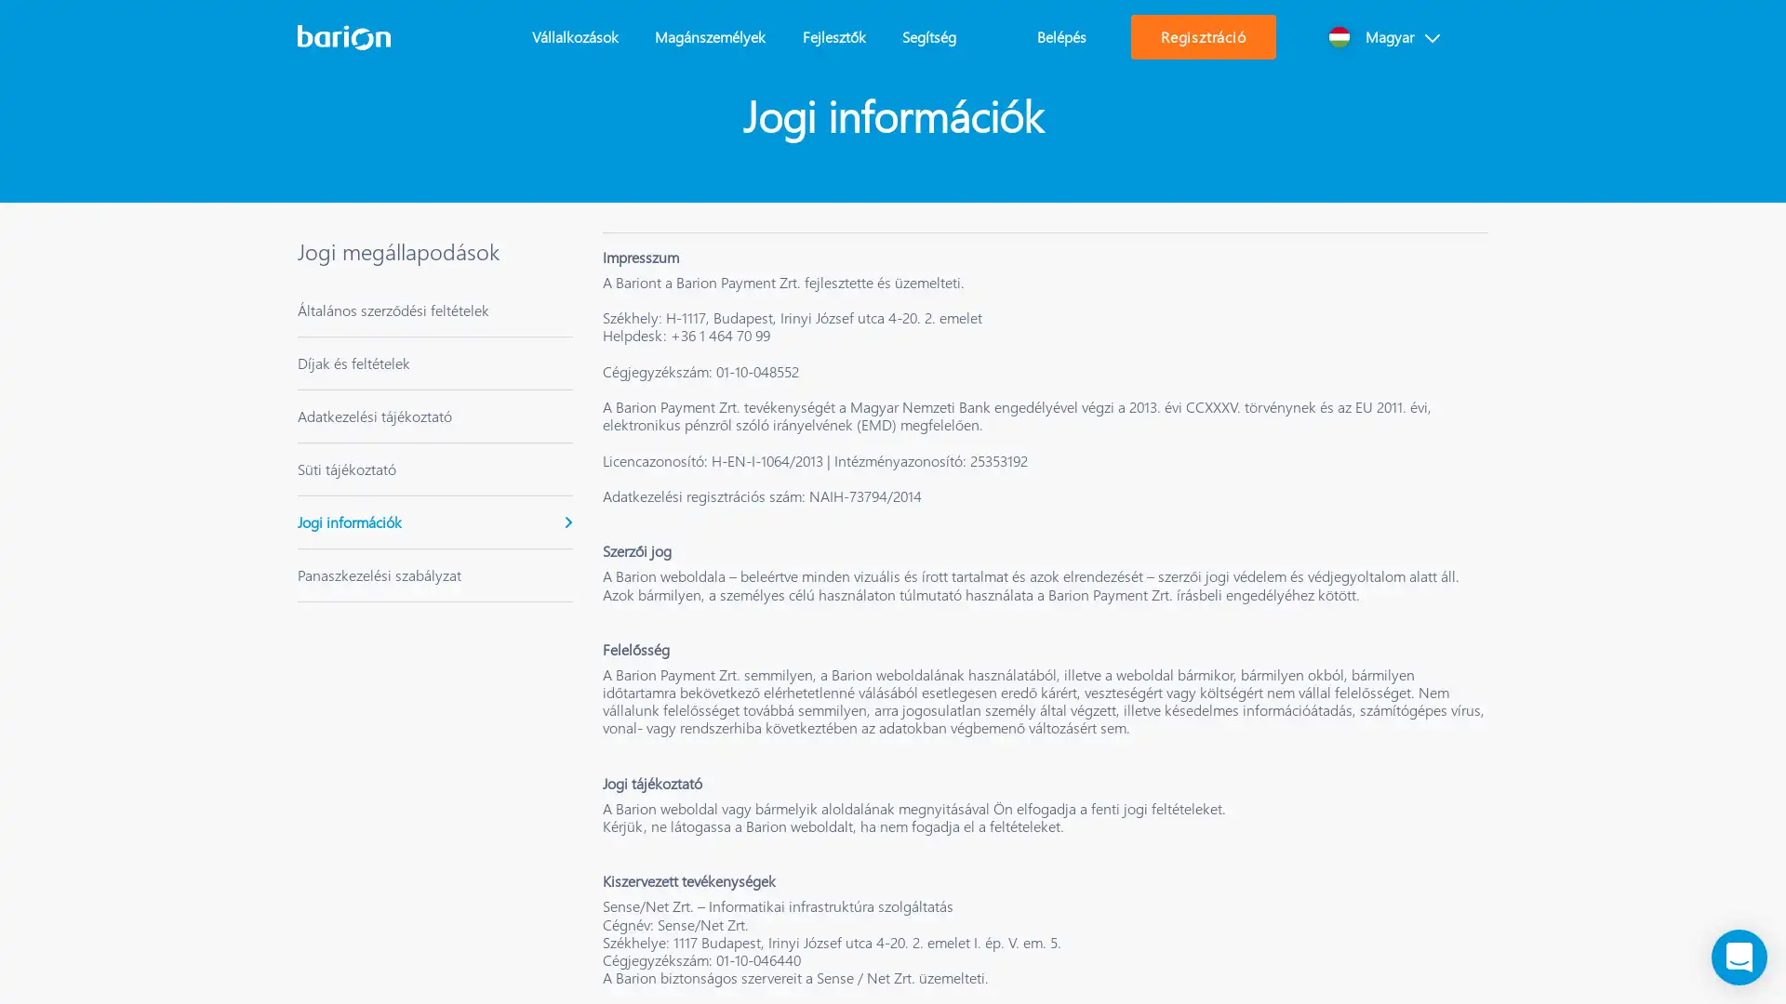  What do you see at coordinates (1500, 920) in the screenshot?
I see `Osszes suti elfogadasa` at bounding box center [1500, 920].